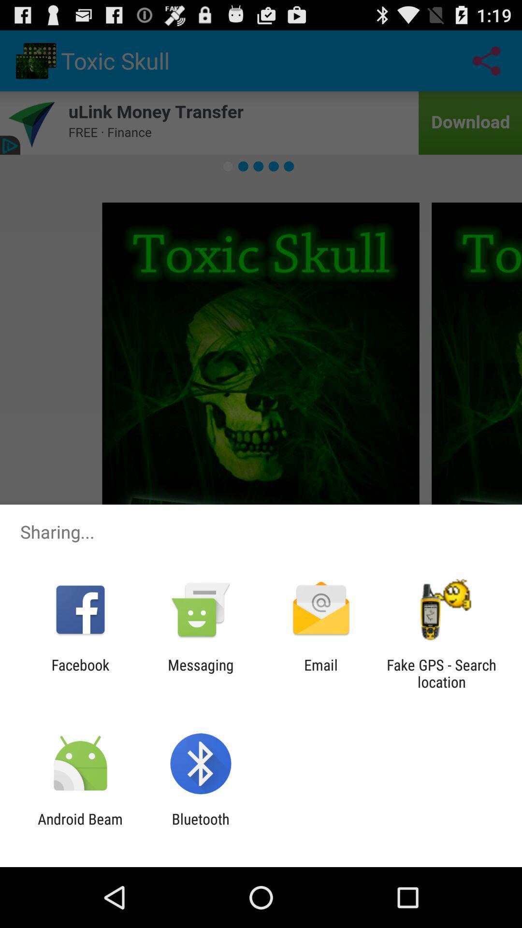  What do you see at coordinates (441, 673) in the screenshot?
I see `the fake gps search item` at bounding box center [441, 673].